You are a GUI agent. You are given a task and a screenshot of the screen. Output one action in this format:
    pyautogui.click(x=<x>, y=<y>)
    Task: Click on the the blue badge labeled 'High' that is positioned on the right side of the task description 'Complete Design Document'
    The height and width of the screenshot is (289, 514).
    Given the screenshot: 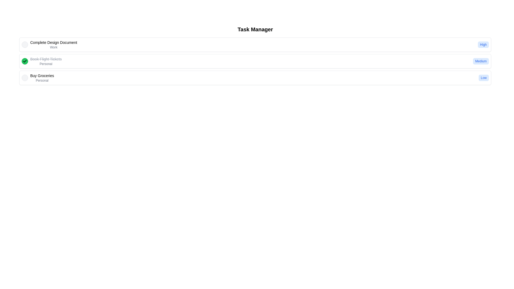 What is the action you would take?
    pyautogui.click(x=483, y=44)
    